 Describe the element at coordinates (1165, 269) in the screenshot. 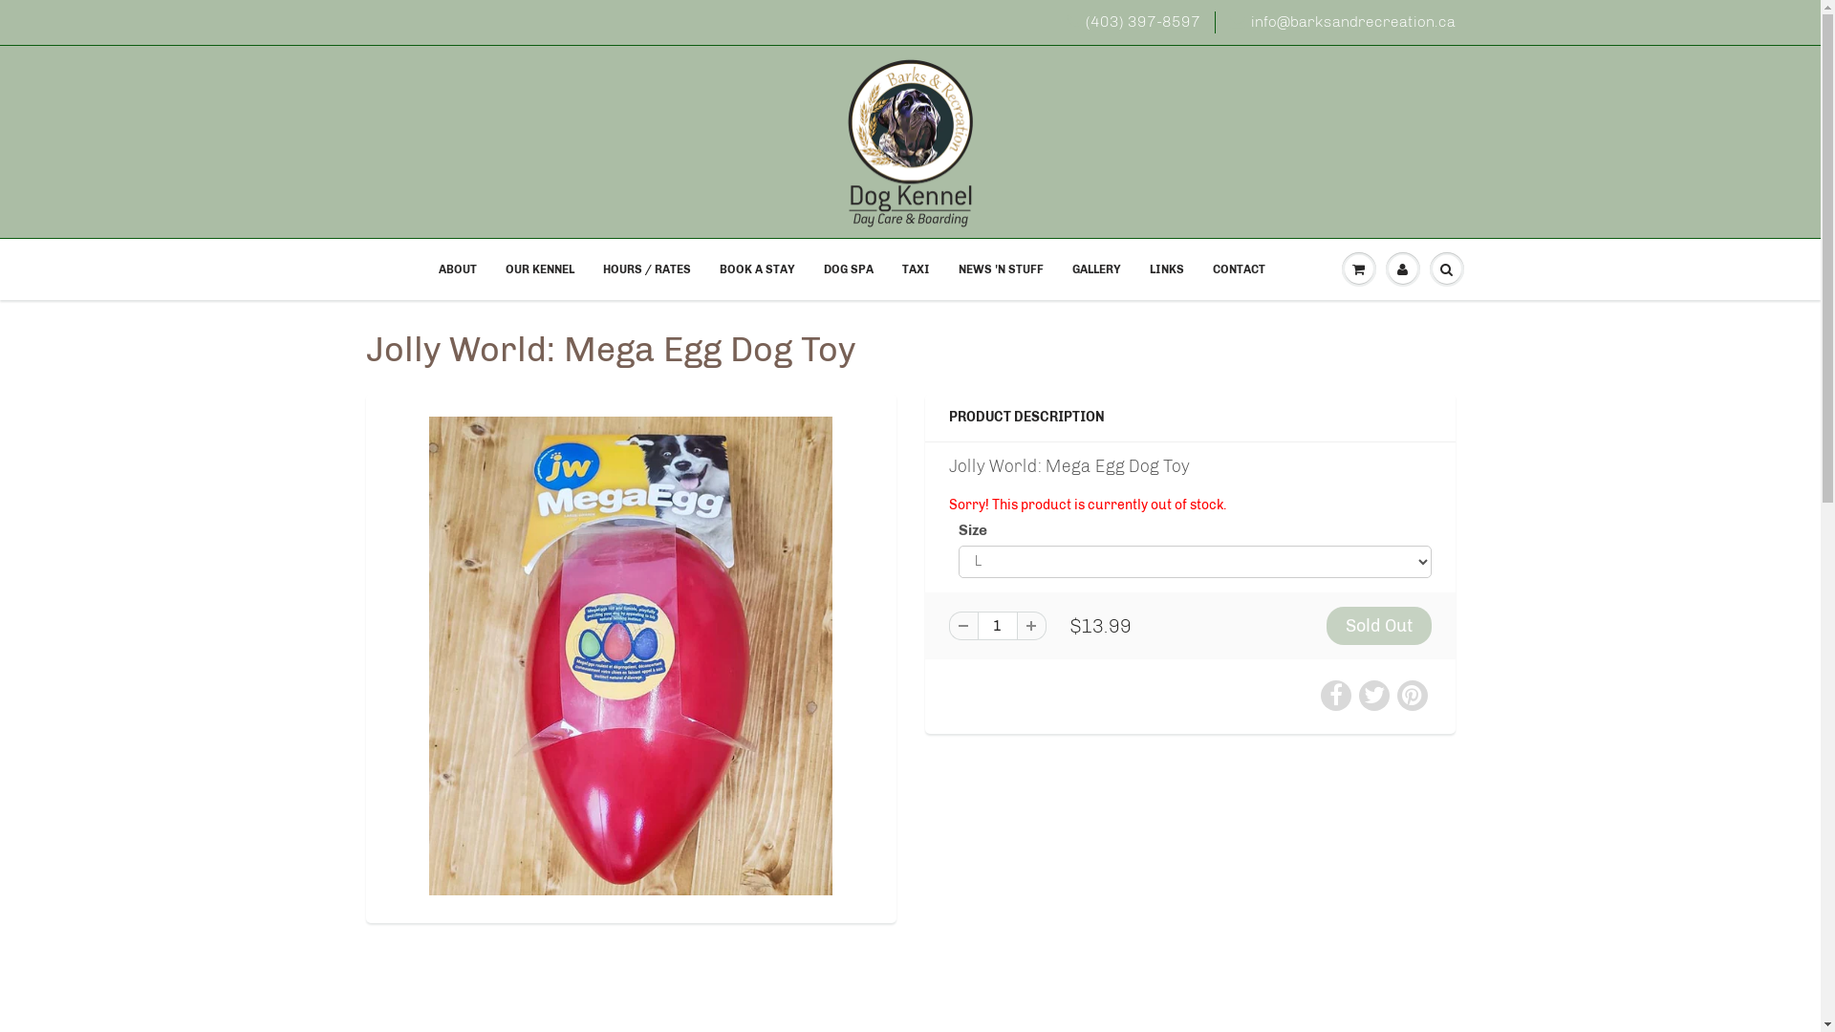

I see `'LINKS'` at that location.